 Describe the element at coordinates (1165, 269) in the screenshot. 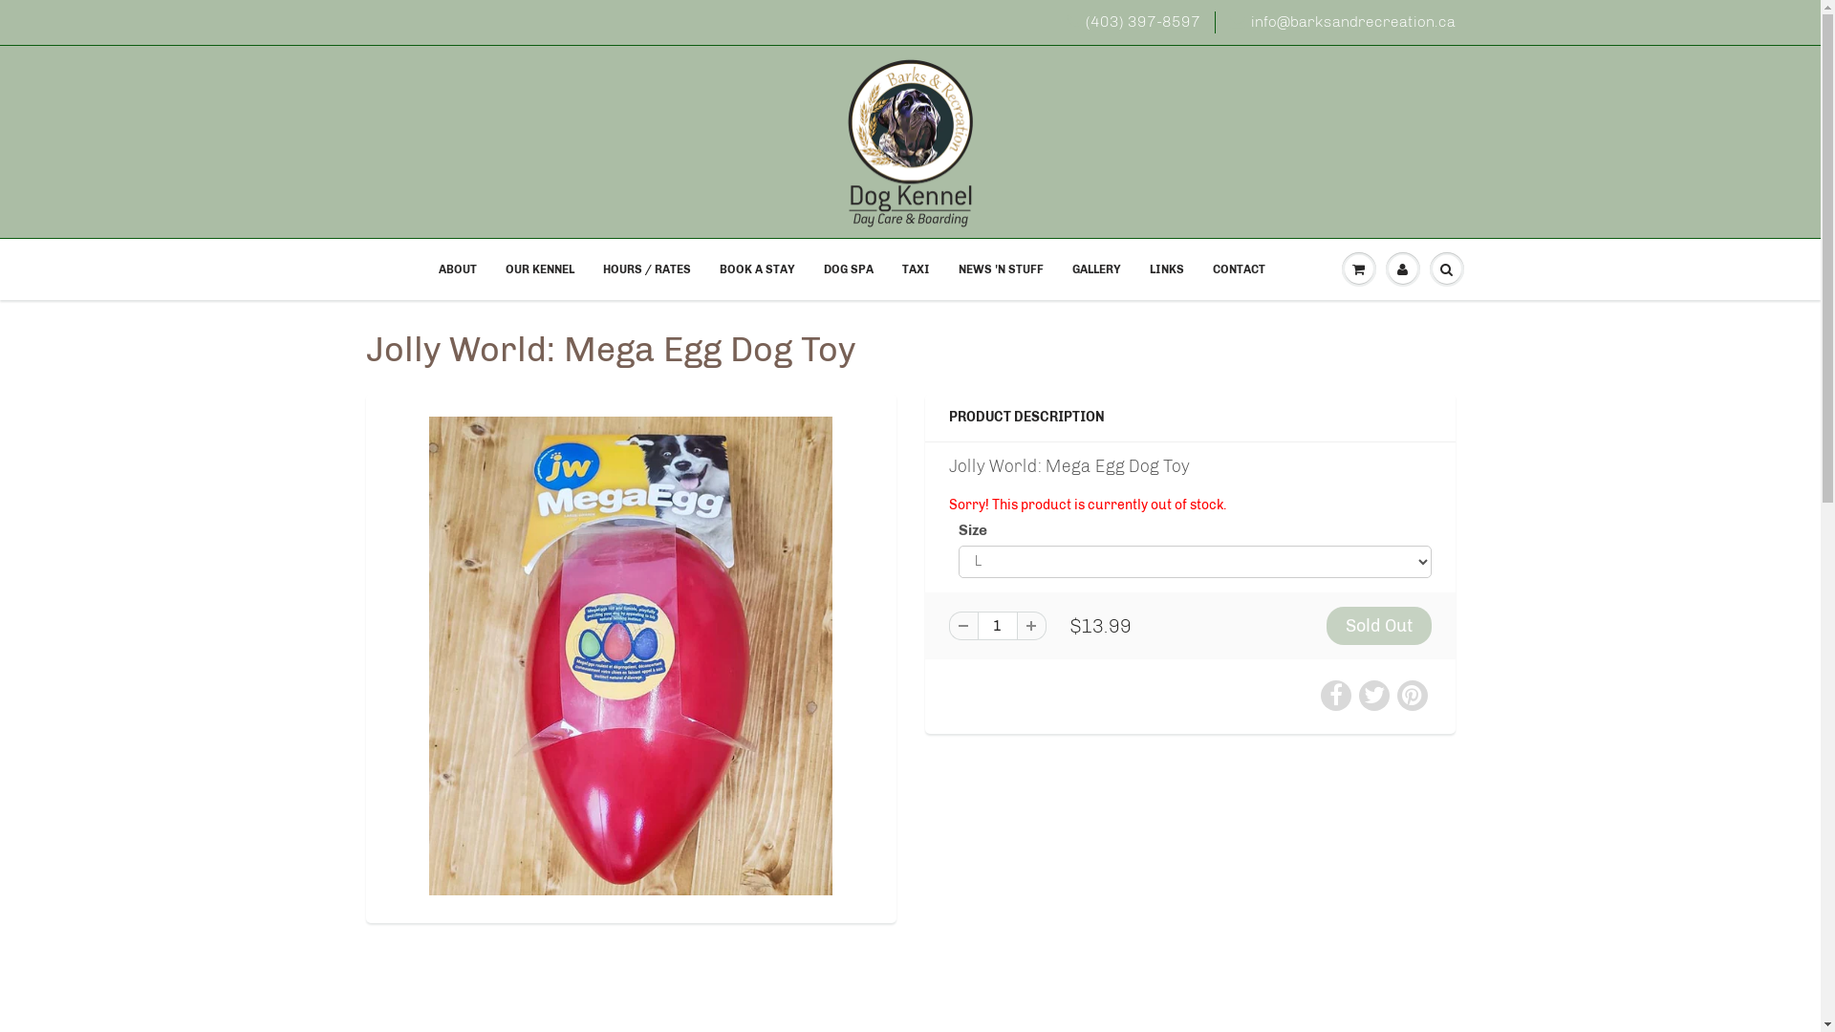

I see `'LINKS'` at that location.